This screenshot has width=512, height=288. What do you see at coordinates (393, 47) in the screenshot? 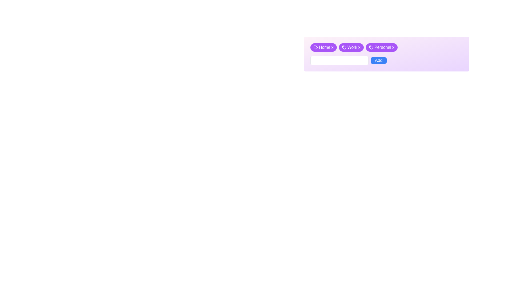
I see `the close button for the 'Personal' tag, which is located at the right end of the third tag in a row of three tags near the middle-top of the interface, to change its color` at bounding box center [393, 47].